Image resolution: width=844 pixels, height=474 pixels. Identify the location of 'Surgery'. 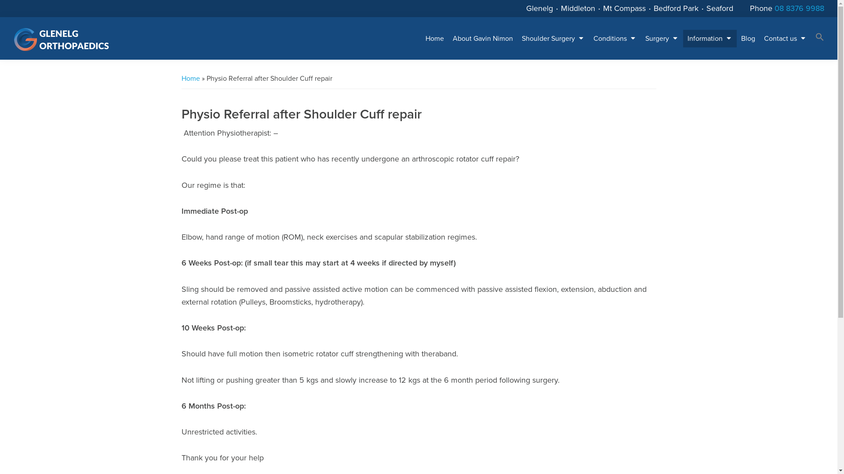
(662, 38).